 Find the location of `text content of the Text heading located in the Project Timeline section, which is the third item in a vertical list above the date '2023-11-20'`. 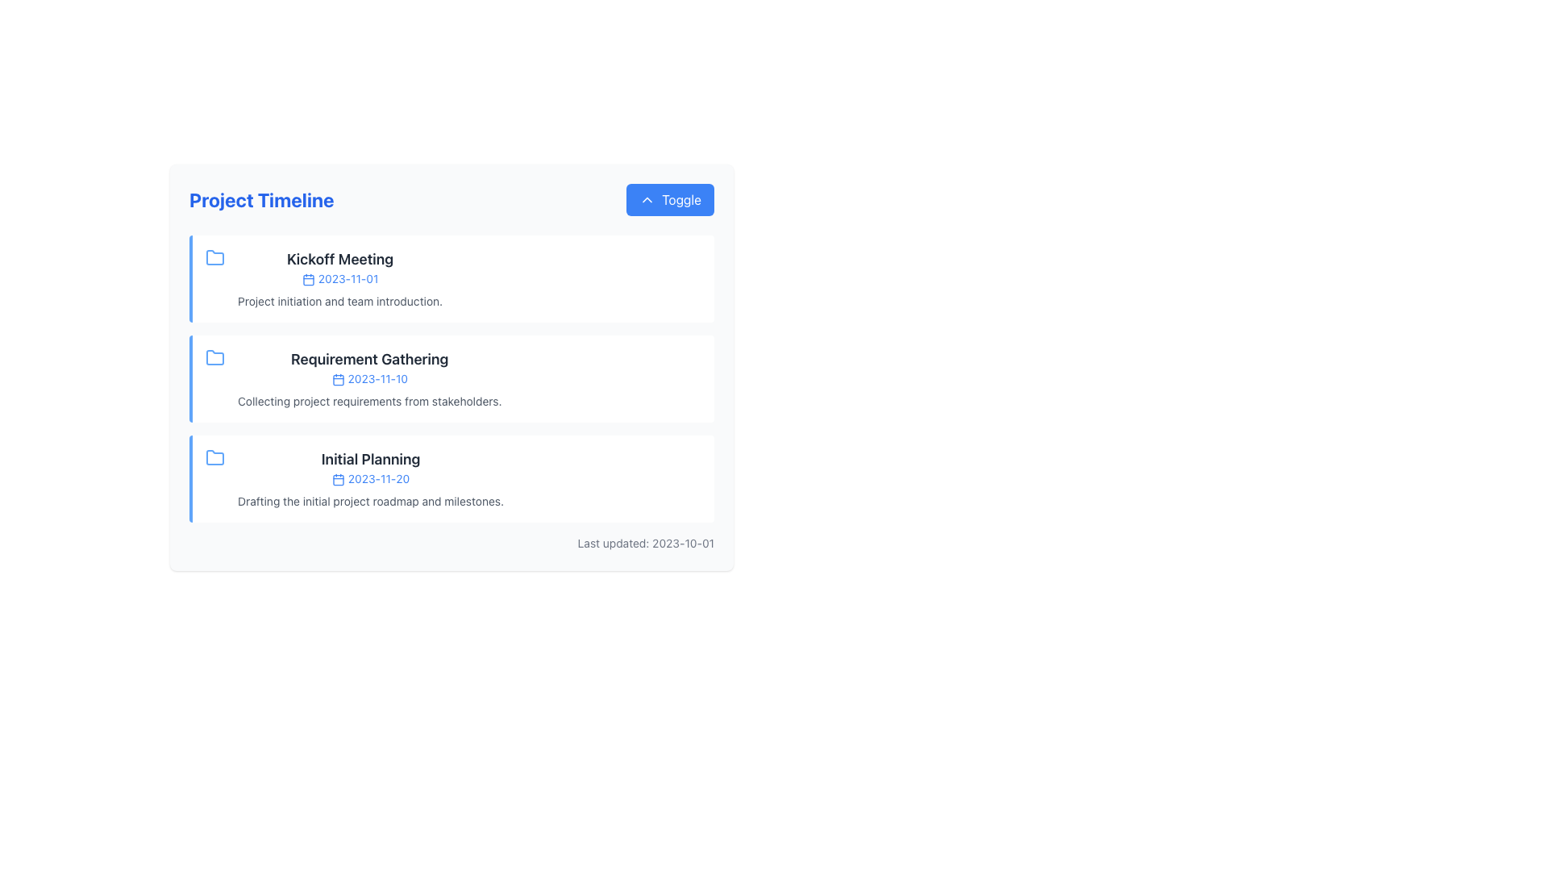

text content of the Text heading located in the Project Timeline section, which is the third item in a vertical list above the date '2023-11-20' is located at coordinates (370, 460).